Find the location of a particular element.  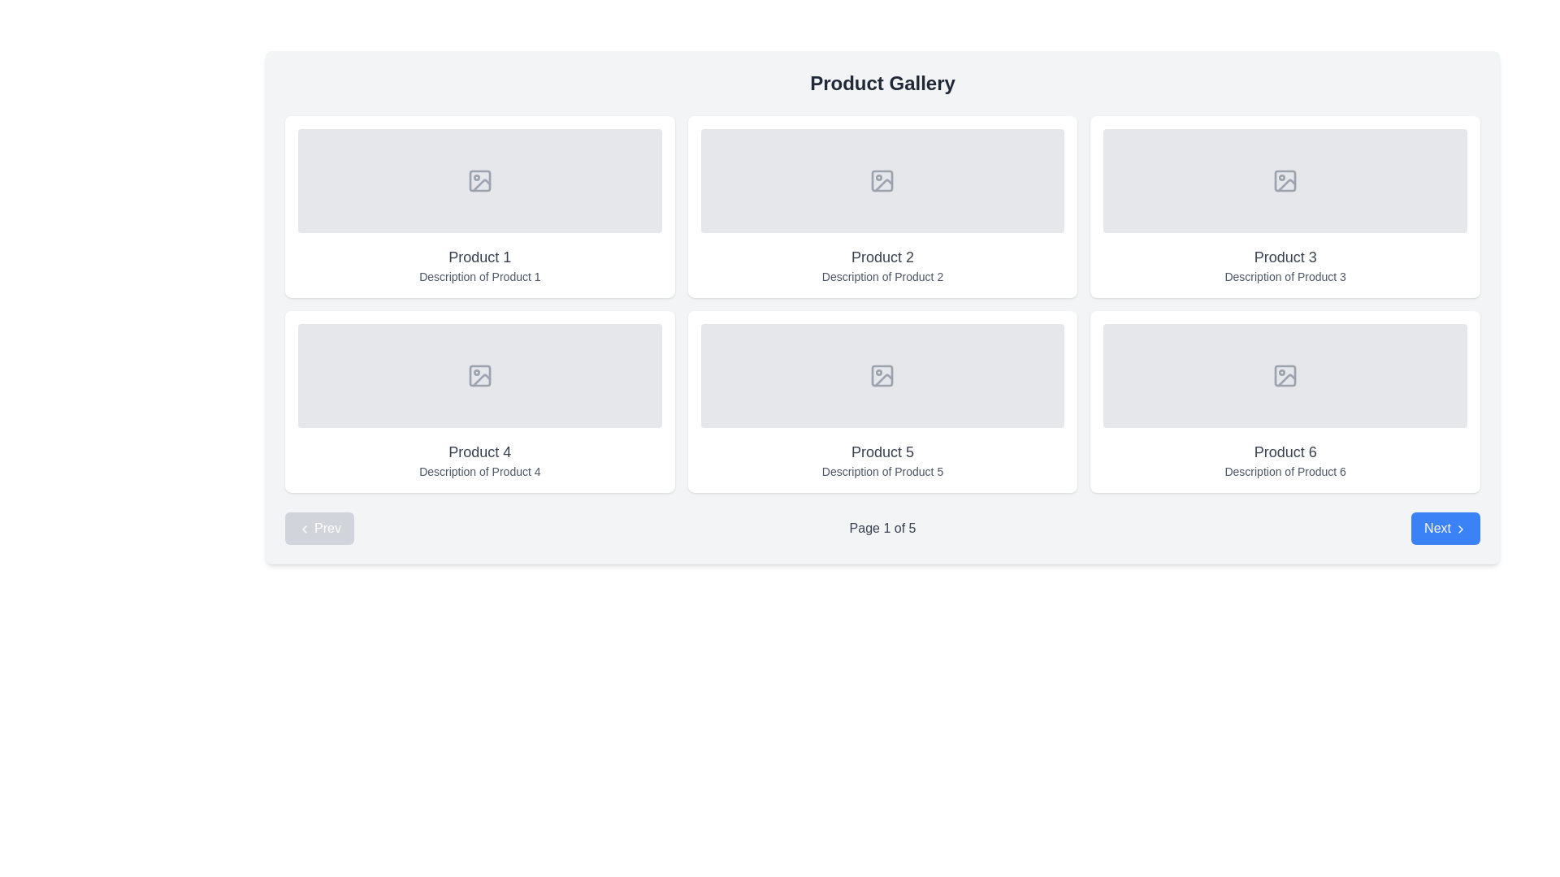

decorative graphical element, which is a small rectangle with rounded edges located at the center of the image placeholder icon in the fifth product slot of the gallery is located at coordinates (882, 375).